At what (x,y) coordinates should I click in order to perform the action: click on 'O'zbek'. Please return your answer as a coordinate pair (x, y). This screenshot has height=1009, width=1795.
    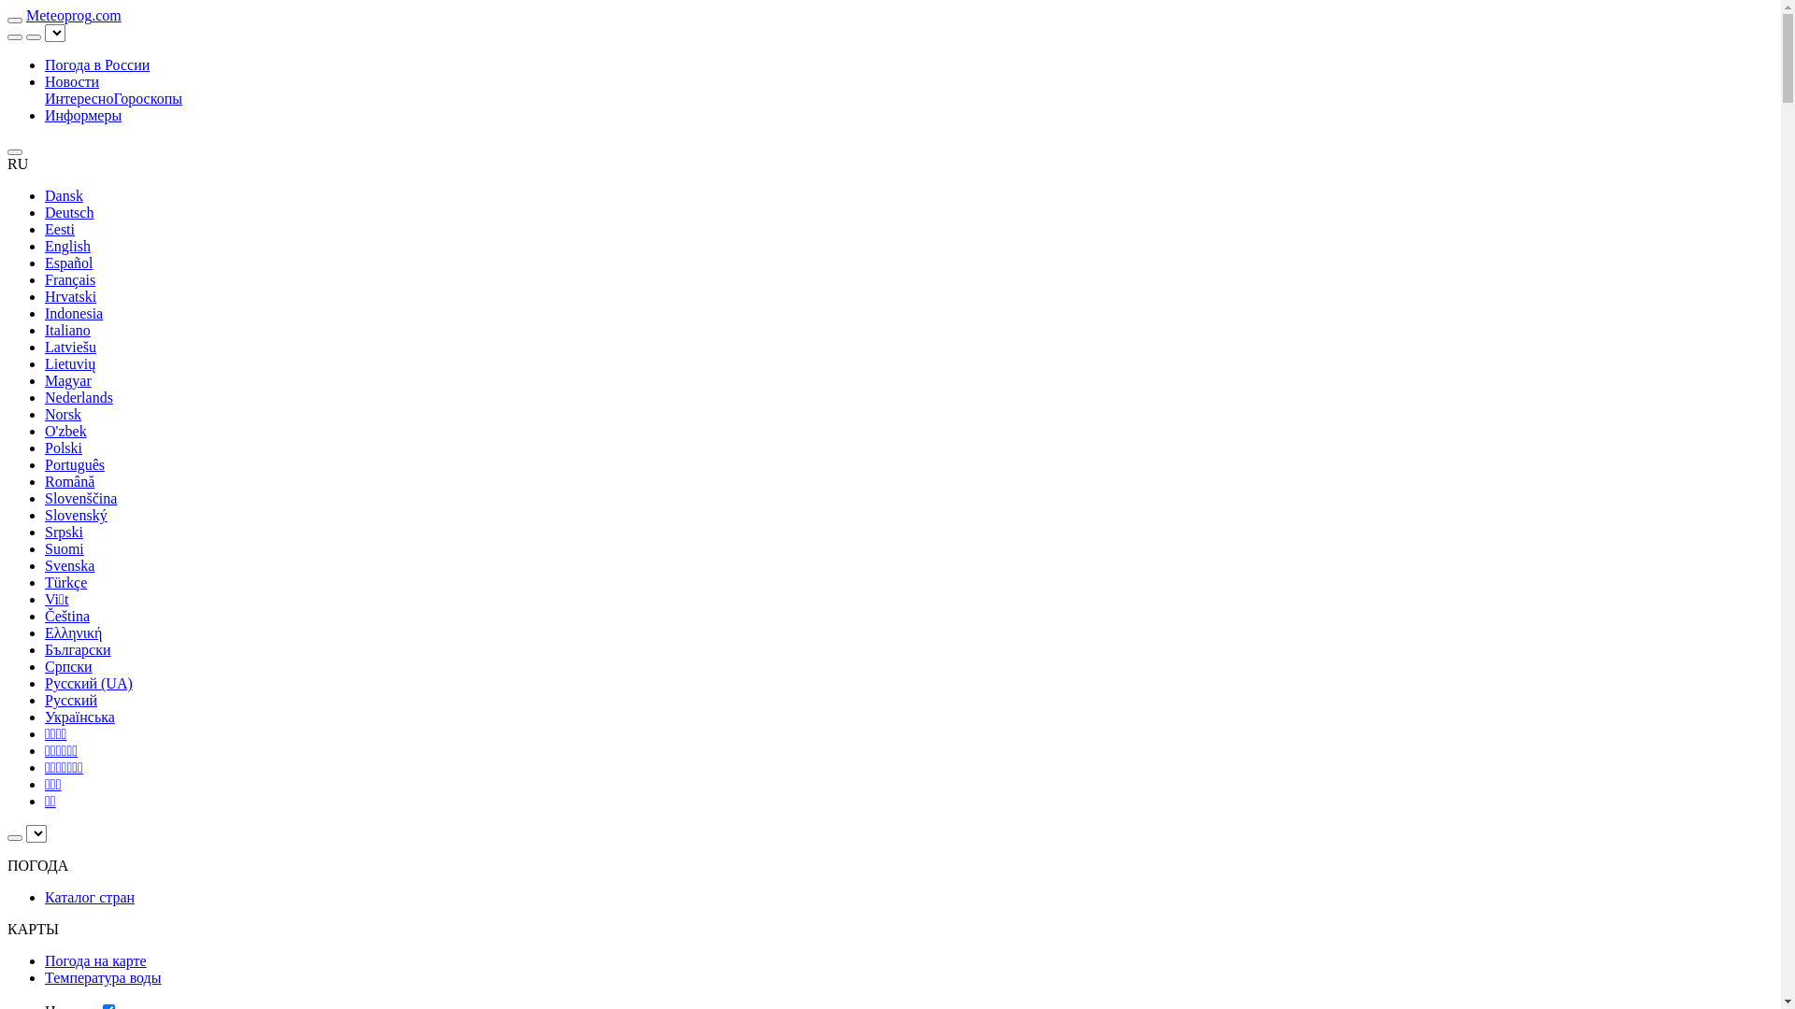
    Looking at the image, I should click on (65, 431).